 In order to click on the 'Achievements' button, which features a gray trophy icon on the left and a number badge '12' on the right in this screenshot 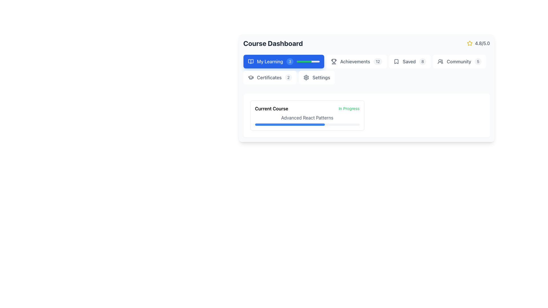, I will do `click(356, 62)`.